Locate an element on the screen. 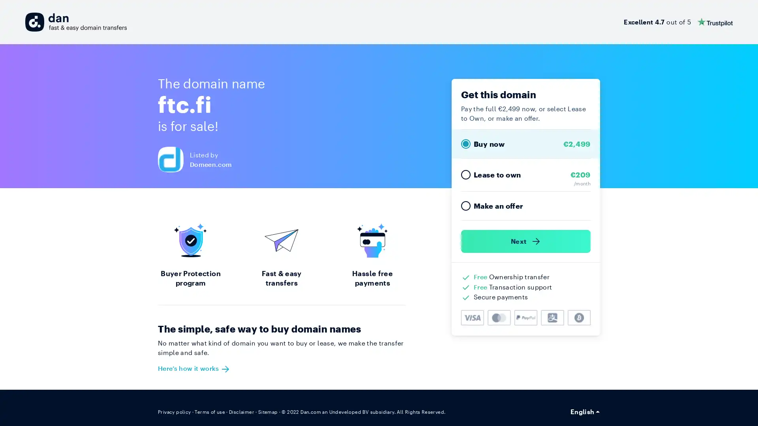  Open Intercom Messenger is located at coordinates (738, 406).